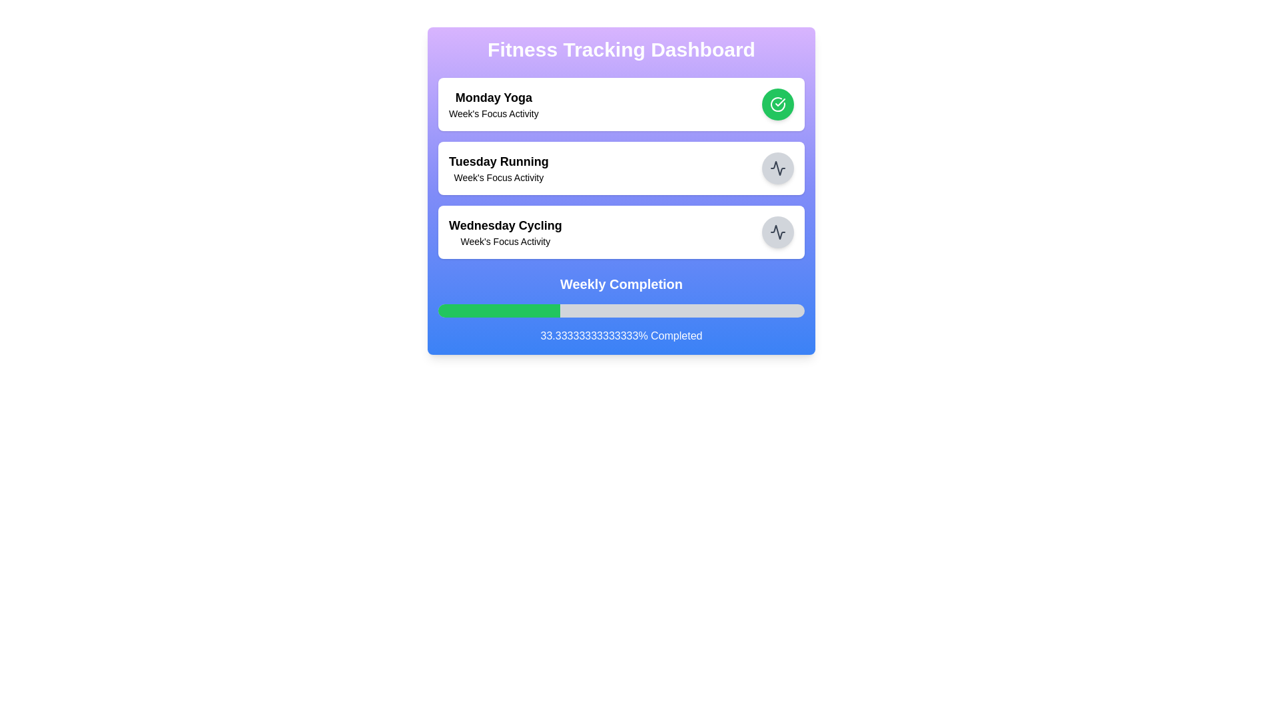 The image size is (1279, 719). What do you see at coordinates (620, 49) in the screenshot?
I see `the main heading element at the top center of the dashboard interface, which serves as the title for the overall content` at bounding box center [620, 49].